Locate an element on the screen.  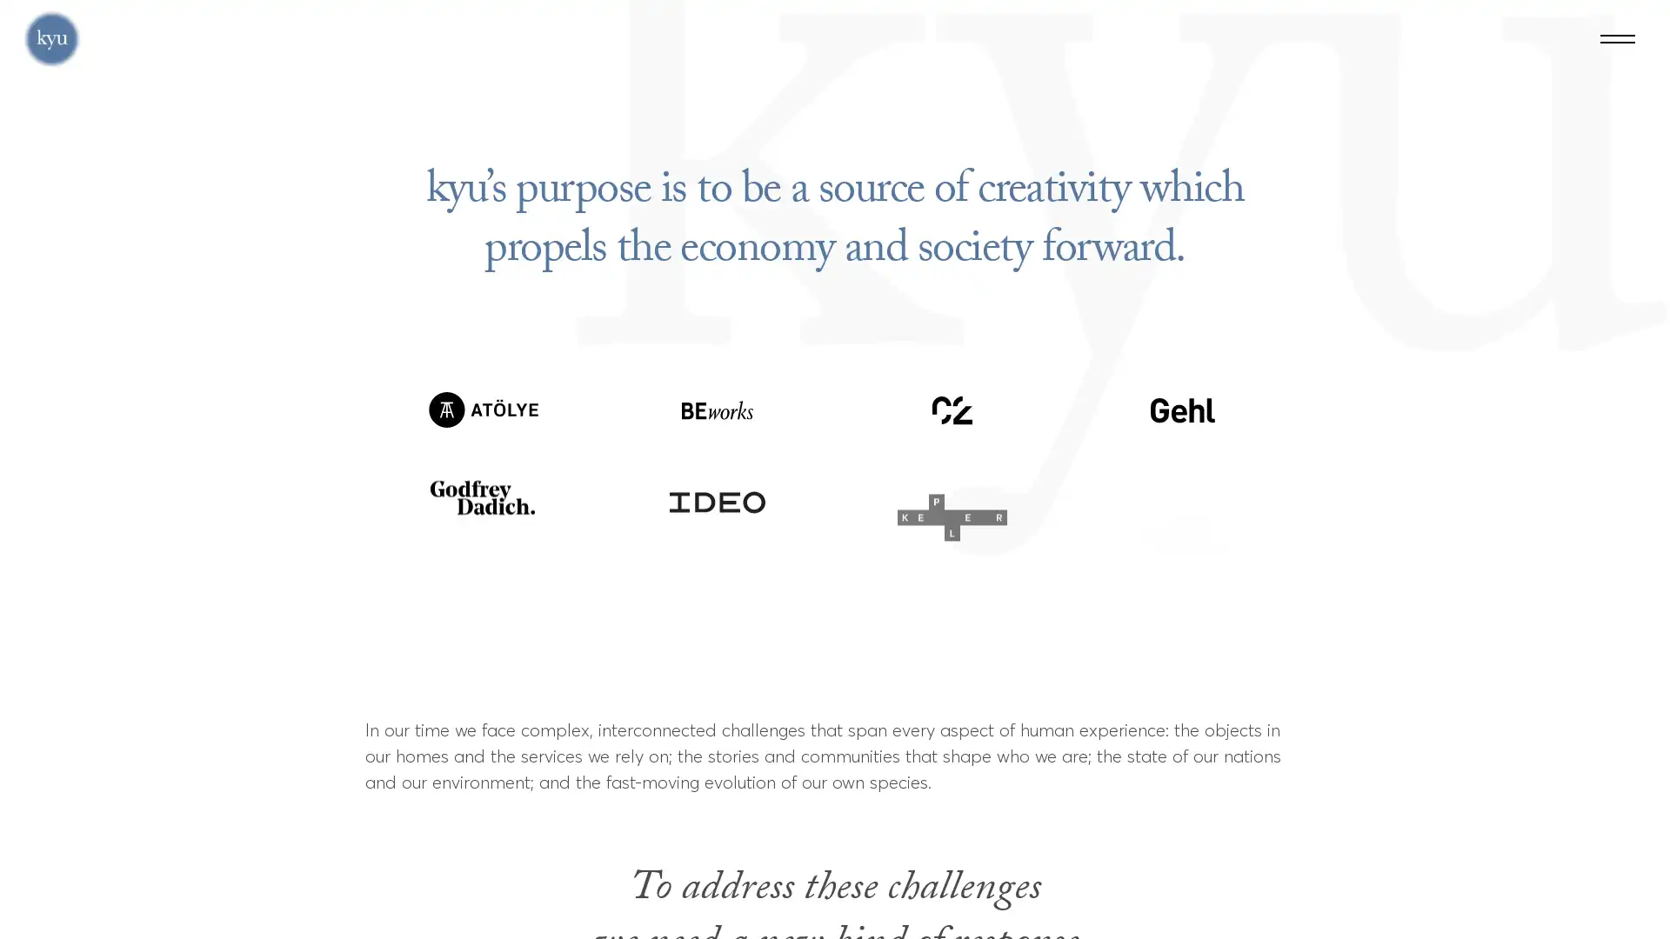
Menu is located at coordinates (1617, 39).